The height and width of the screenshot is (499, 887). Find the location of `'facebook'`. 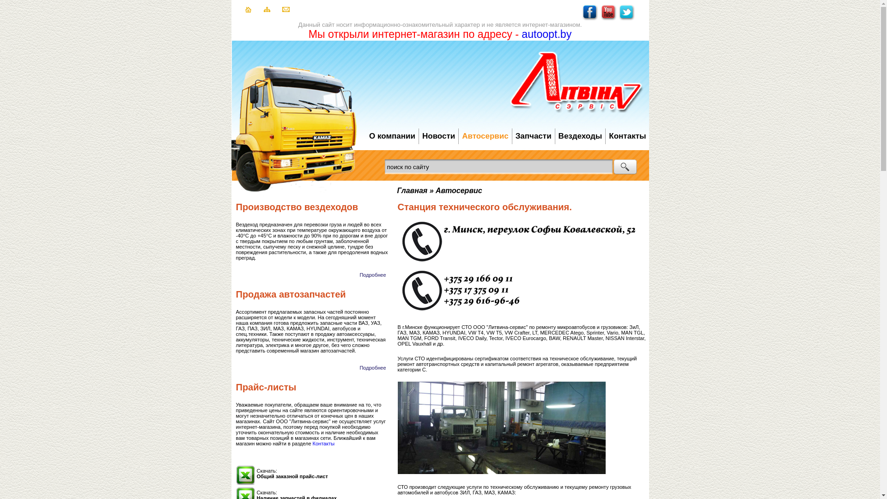

'facebook' is located at coordinates (589, 19).